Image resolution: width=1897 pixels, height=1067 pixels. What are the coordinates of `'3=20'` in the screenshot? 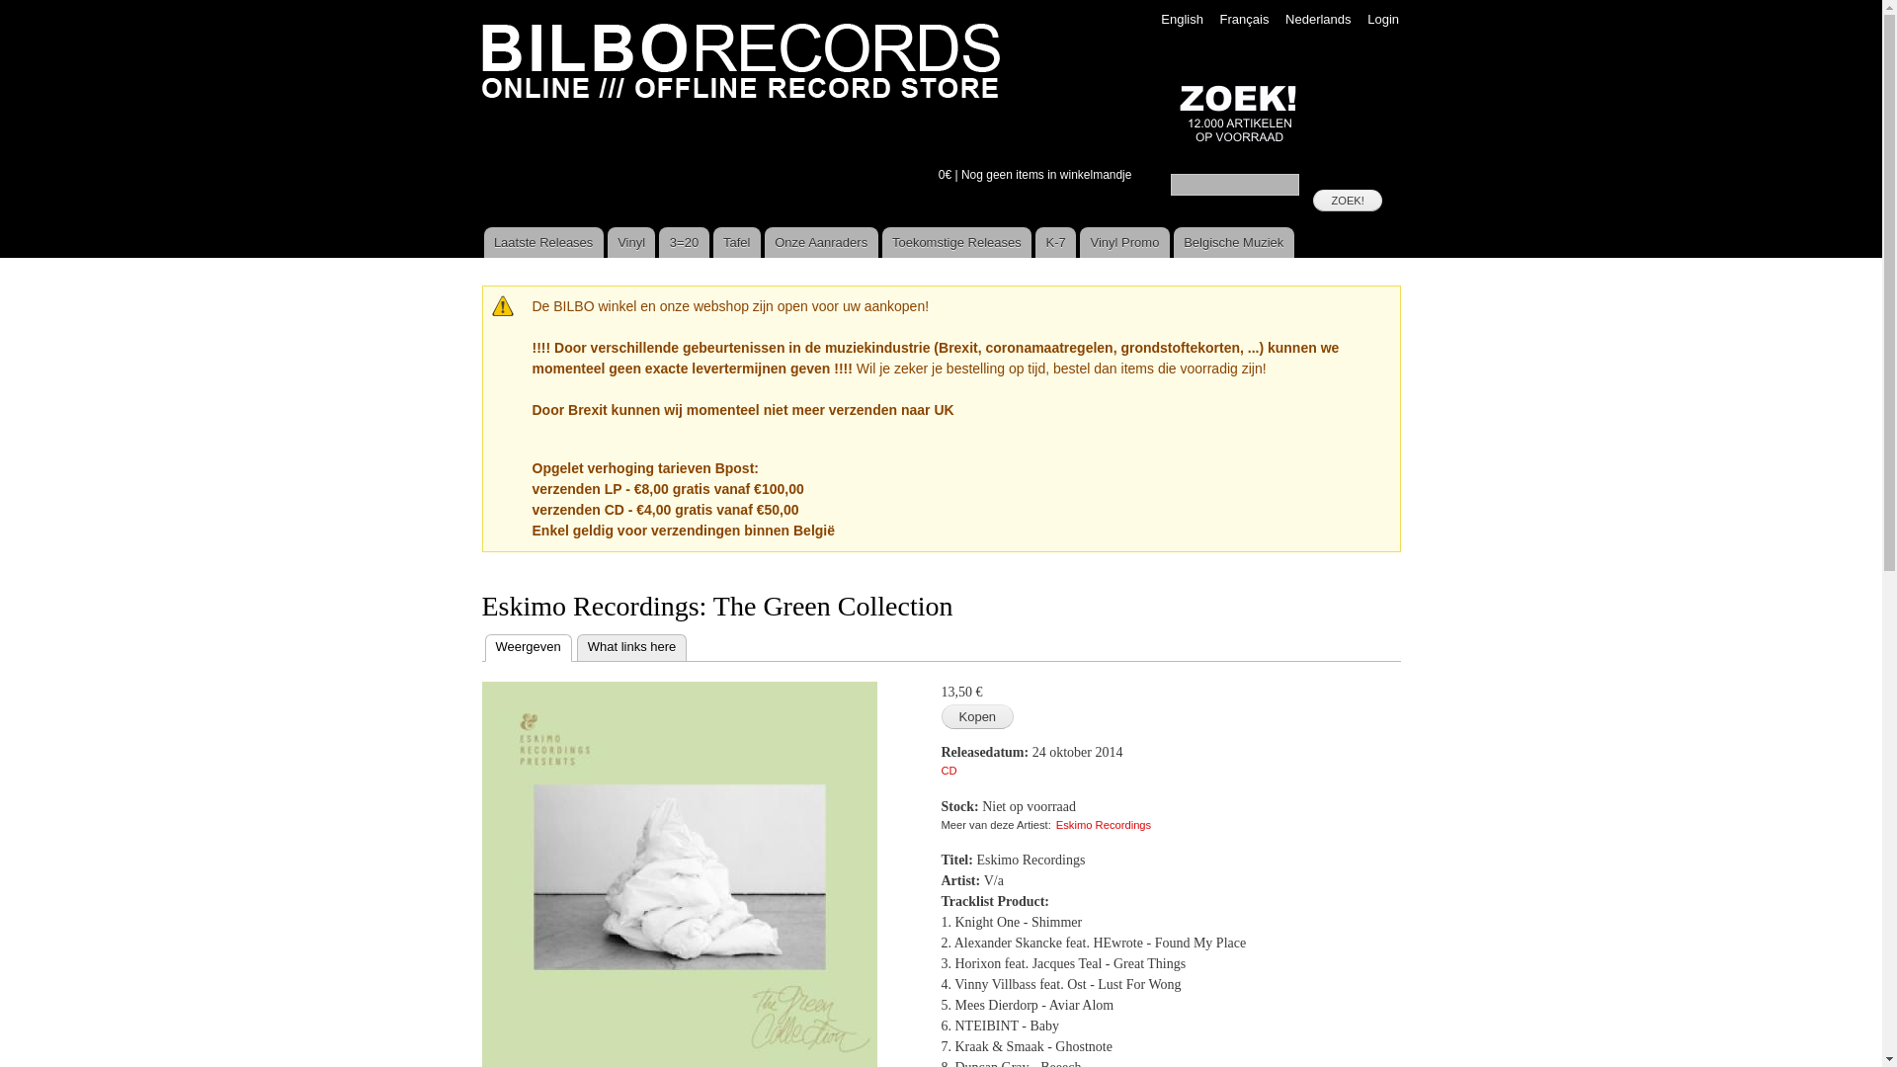 It's located at (683, 241).